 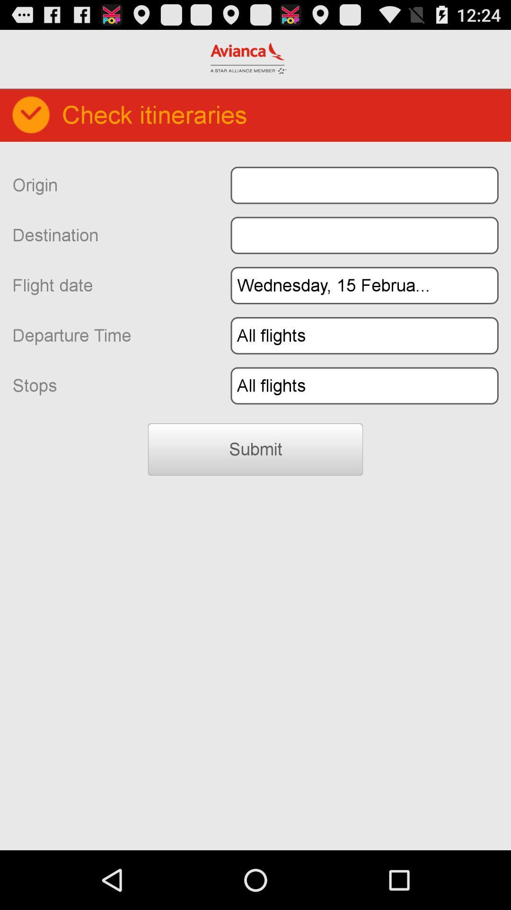 What do you see at coordinates (364, 285) in the screenshot?
I see `wednesday, 15 februa...` at bounding box center [364, 285].